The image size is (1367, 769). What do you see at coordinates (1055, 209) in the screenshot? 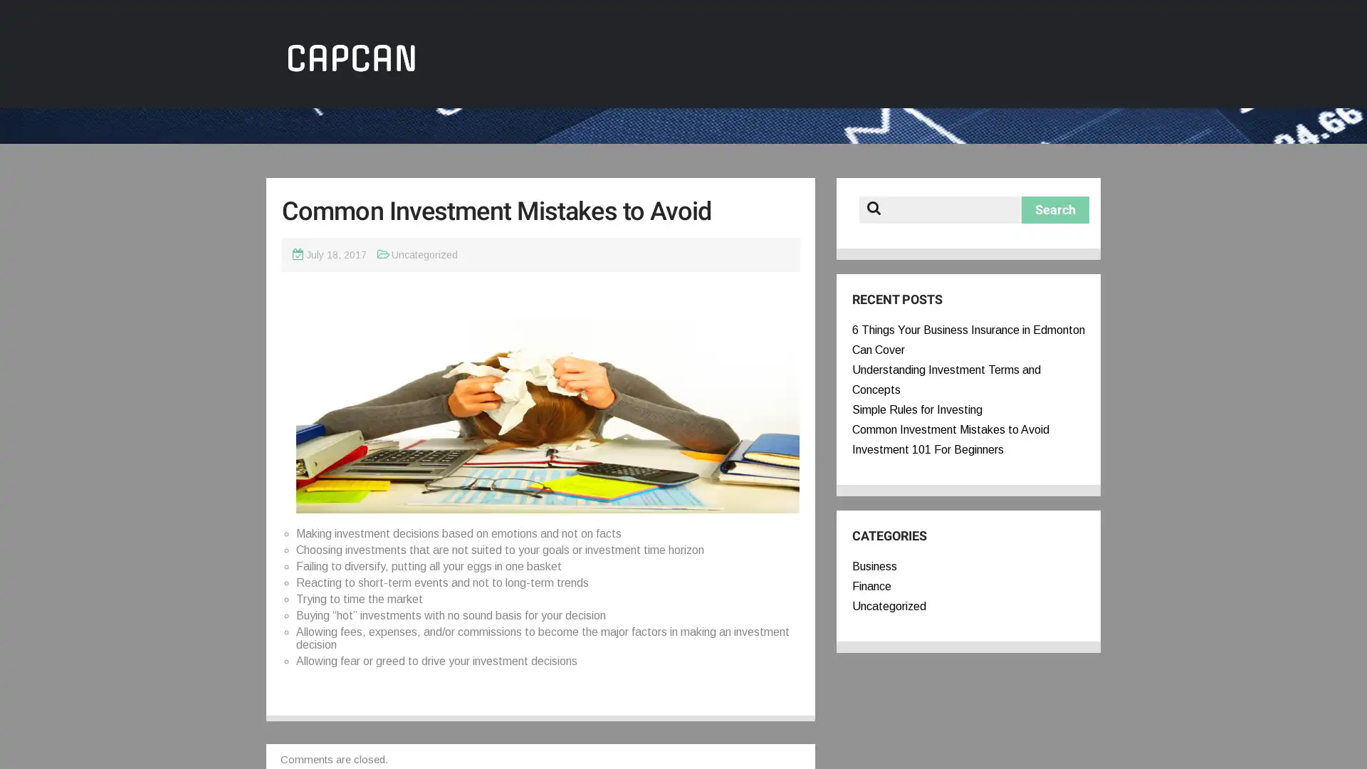
I see `Search` at bounding box center [1055, 209].